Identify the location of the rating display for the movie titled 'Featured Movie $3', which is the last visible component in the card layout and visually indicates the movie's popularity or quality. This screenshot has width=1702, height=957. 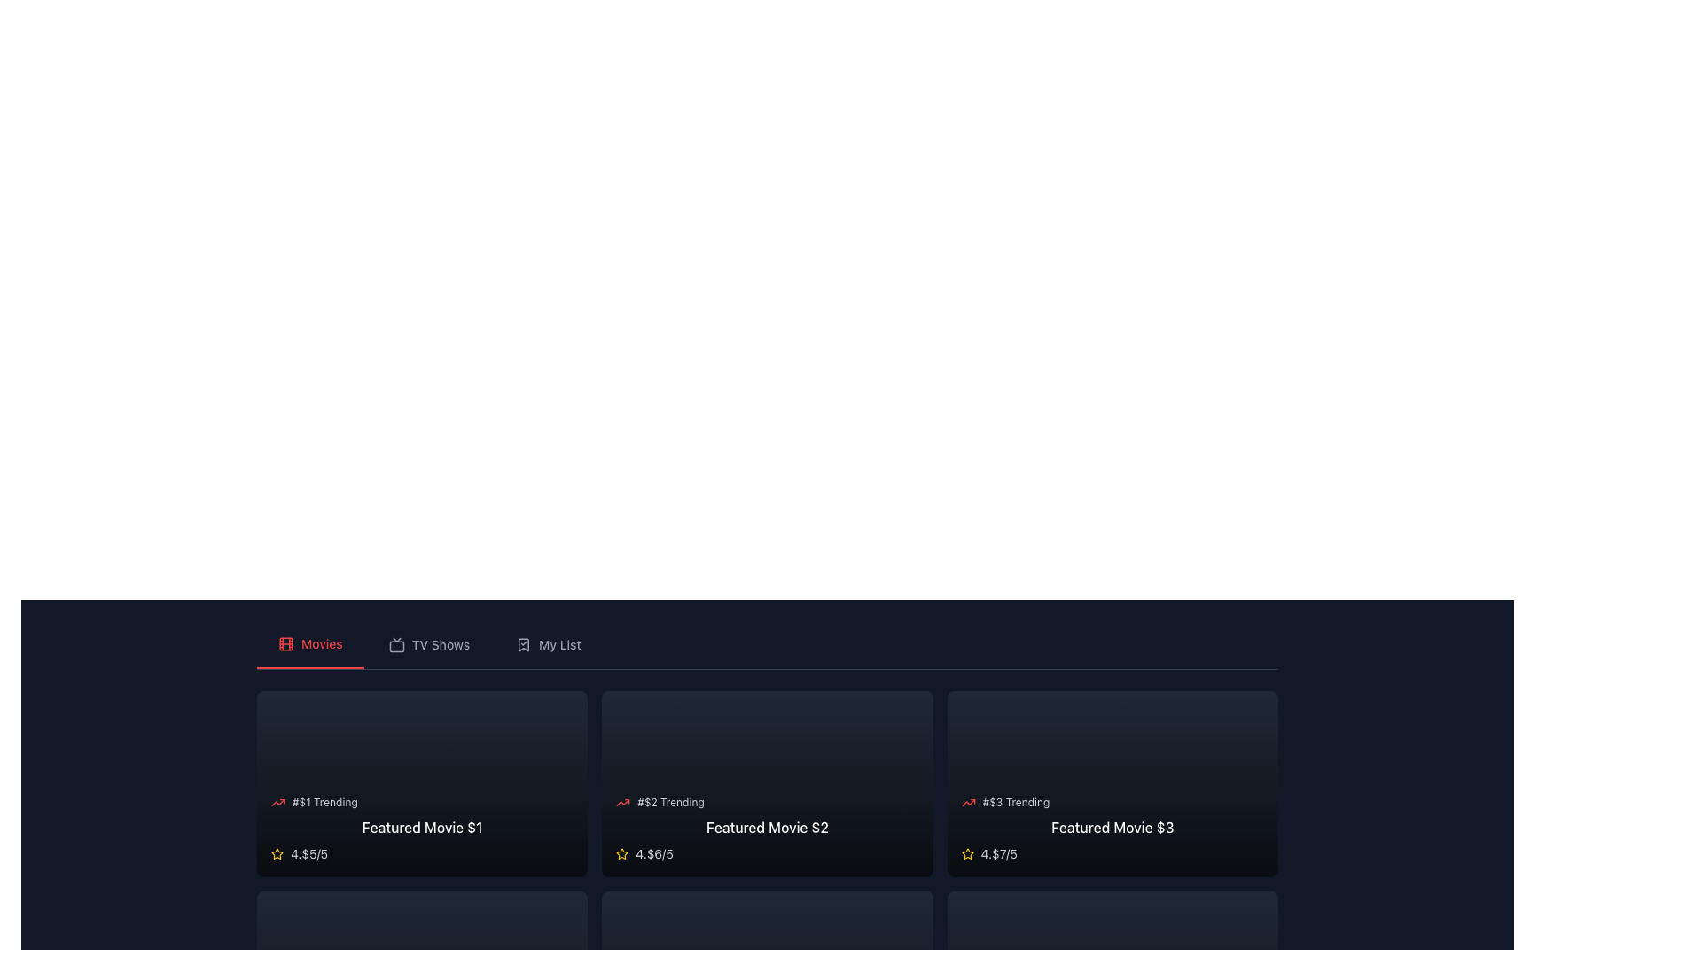
(1112, 853).